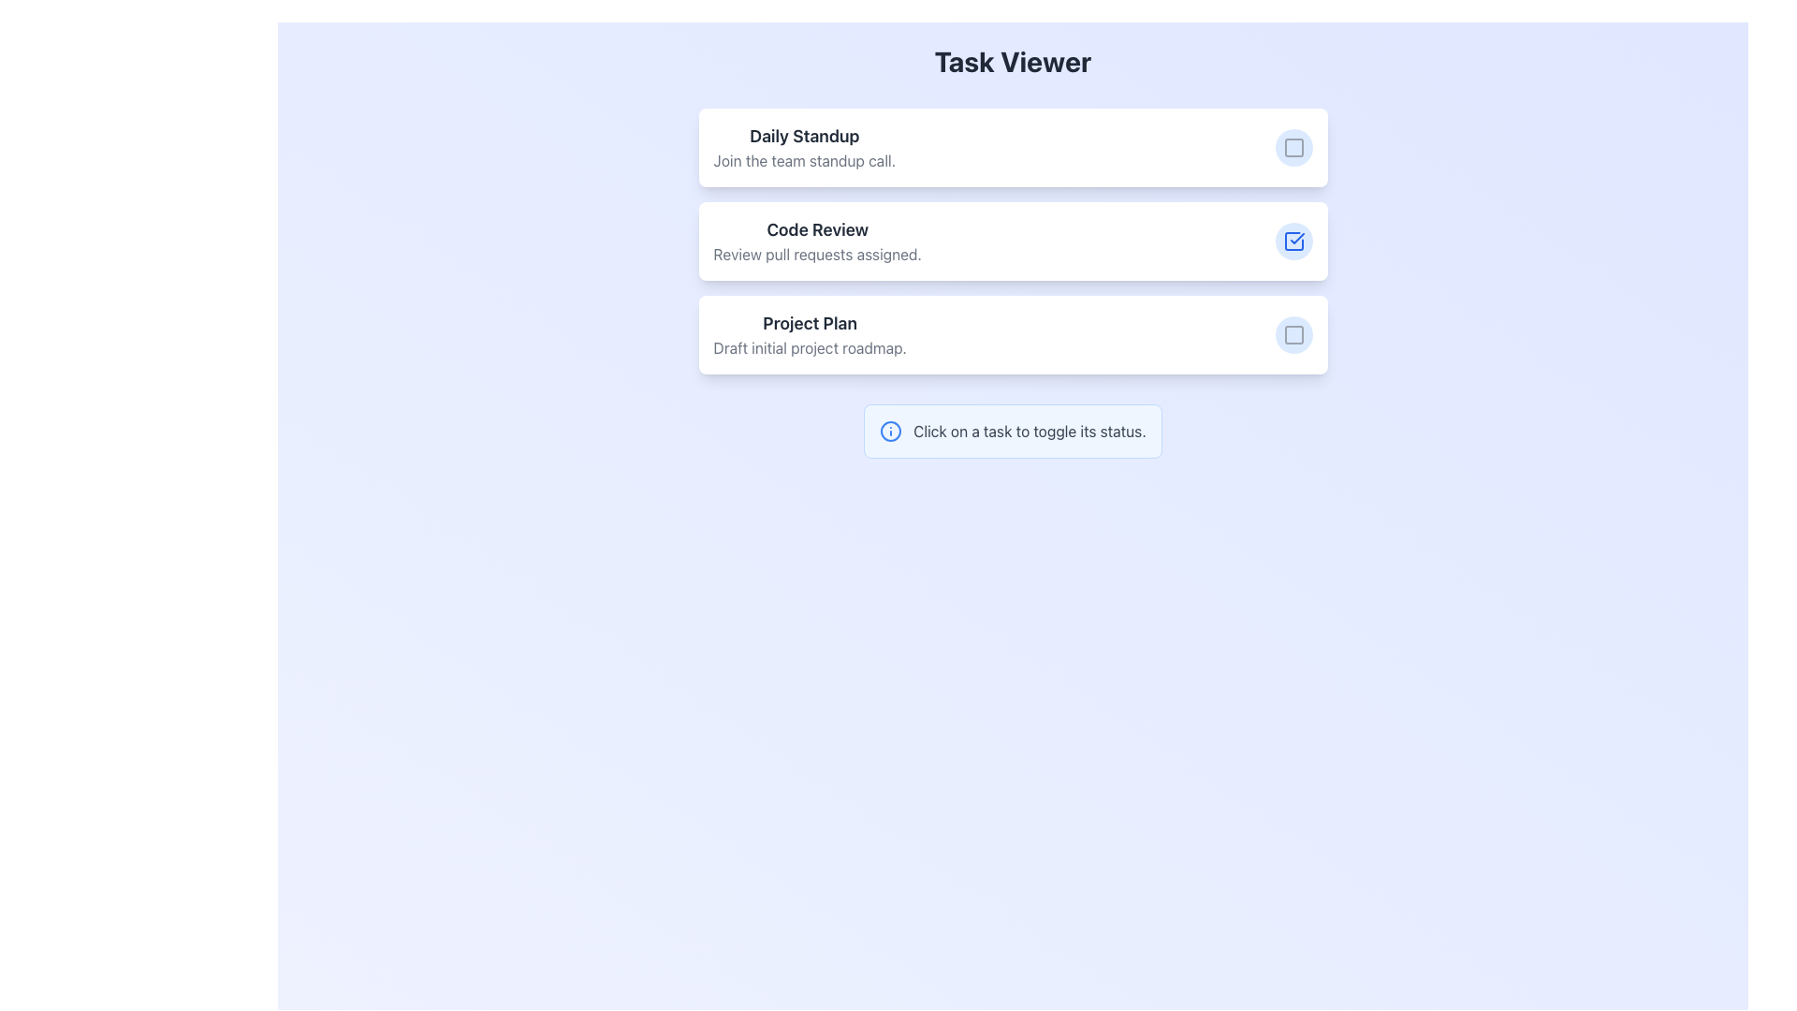 Image resolution: width=1797 pixels, height=1011 pixels. Describe the element at coordinates (1293, 147) in the screenshot. I see `the gray outlined square icon with rounded edges inside the blue circular button located next to the 'Daily Standup' task in the task list` at that location.